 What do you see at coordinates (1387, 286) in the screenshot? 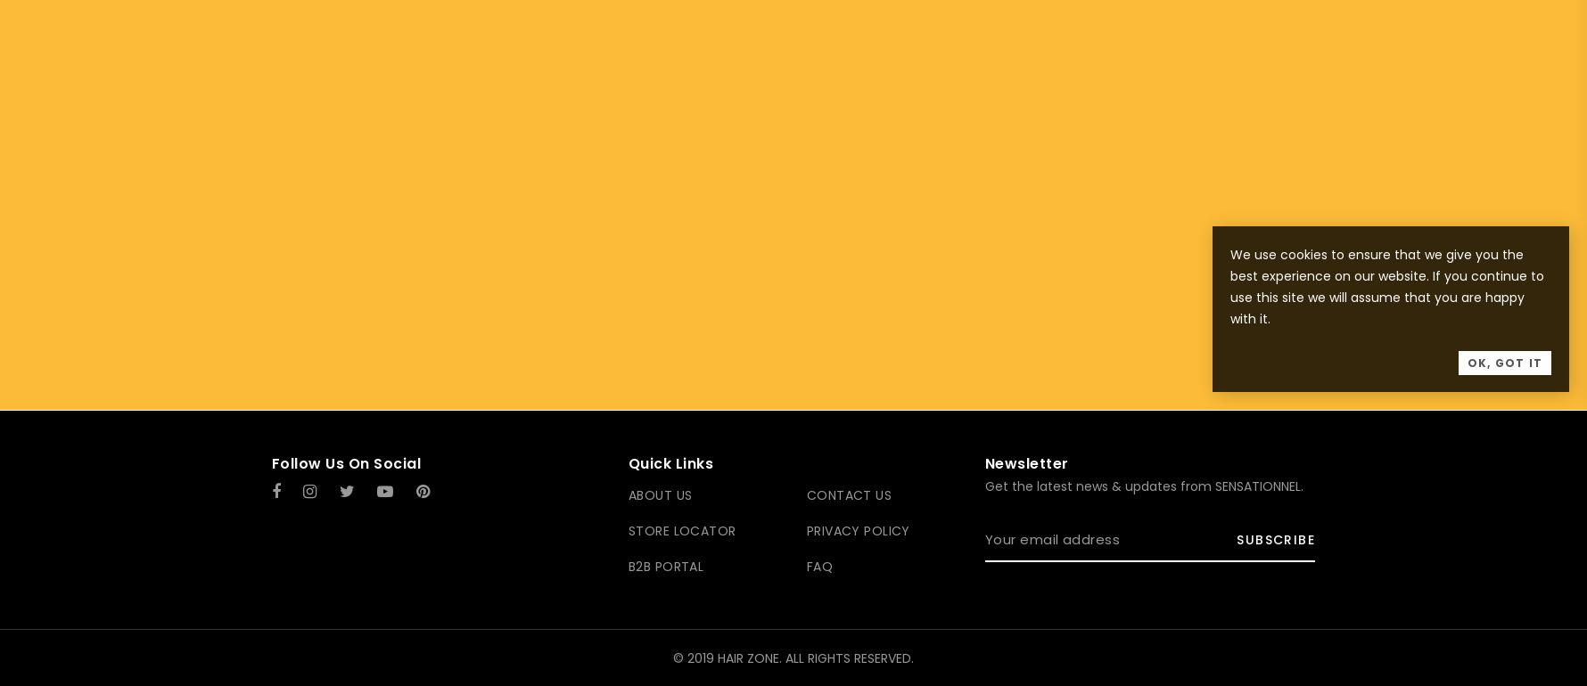
I see `'We use cookies to ensure that we give you the best experience on our website. If you continue to use this site we will assume that you are happy with it.'` at bounding box center [1387, 286].